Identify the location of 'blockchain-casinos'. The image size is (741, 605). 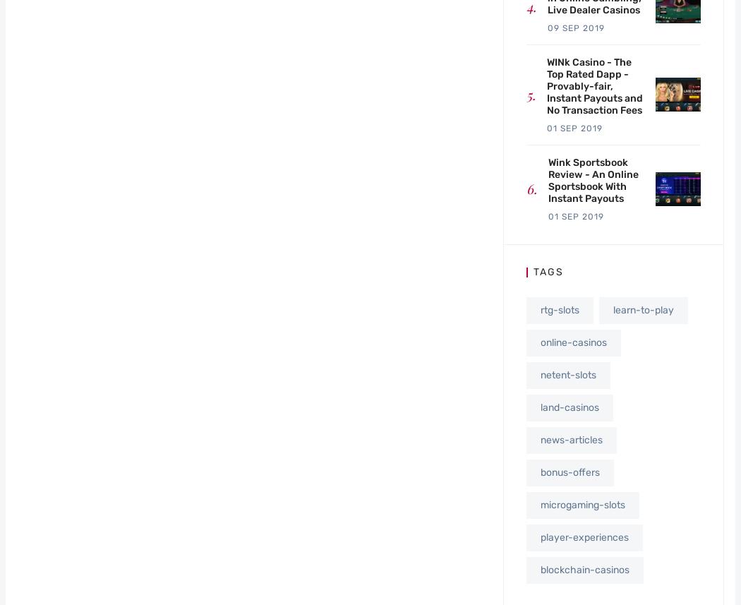
(584, 569).